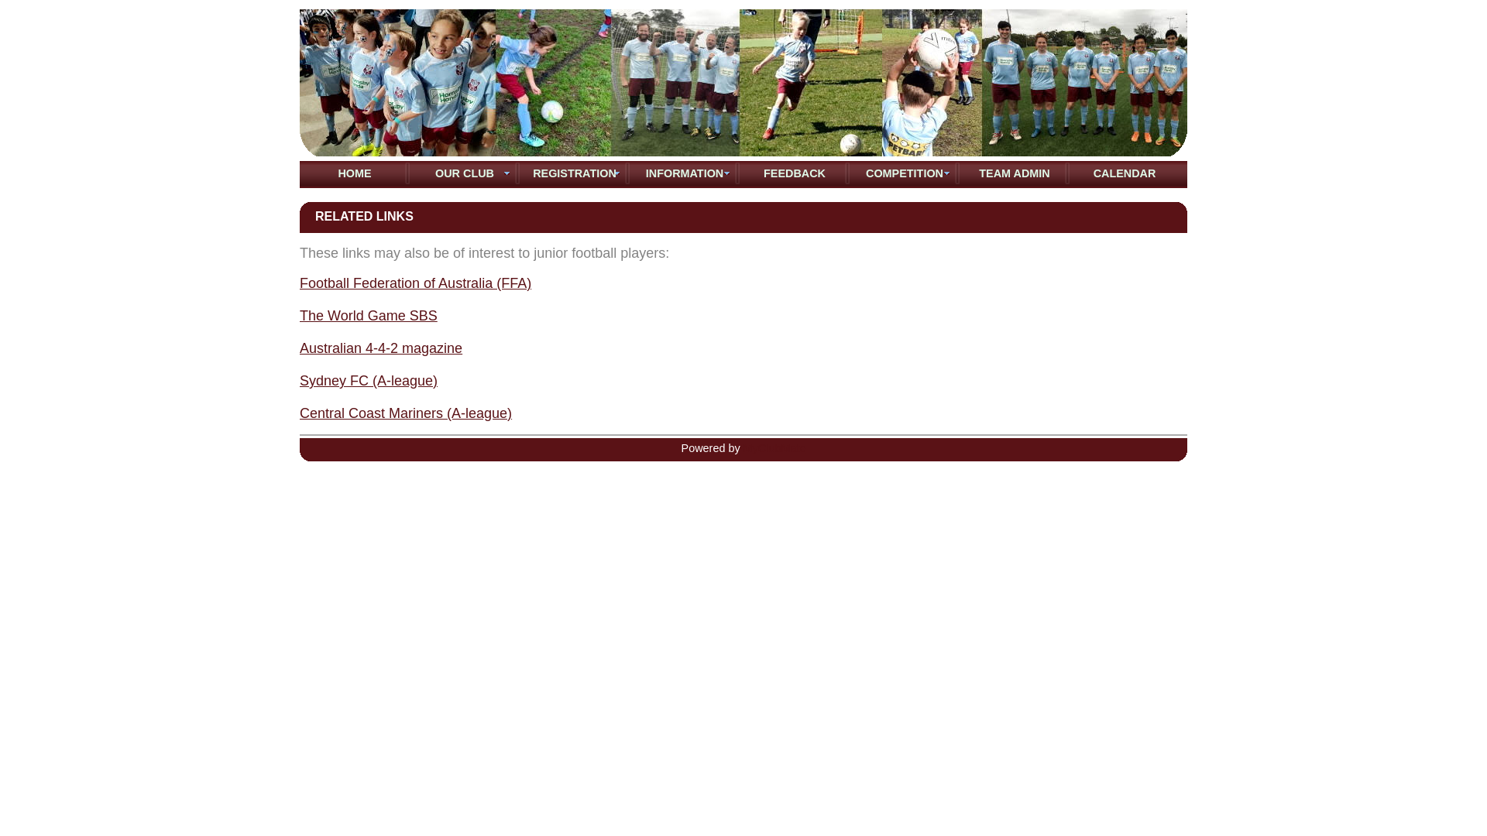 This screenshot has width=1487, height=836. What do you see at coordinates (743, 447) in the screenshot?
I see `'MyClubMate'` at bounding box center [743, 447].